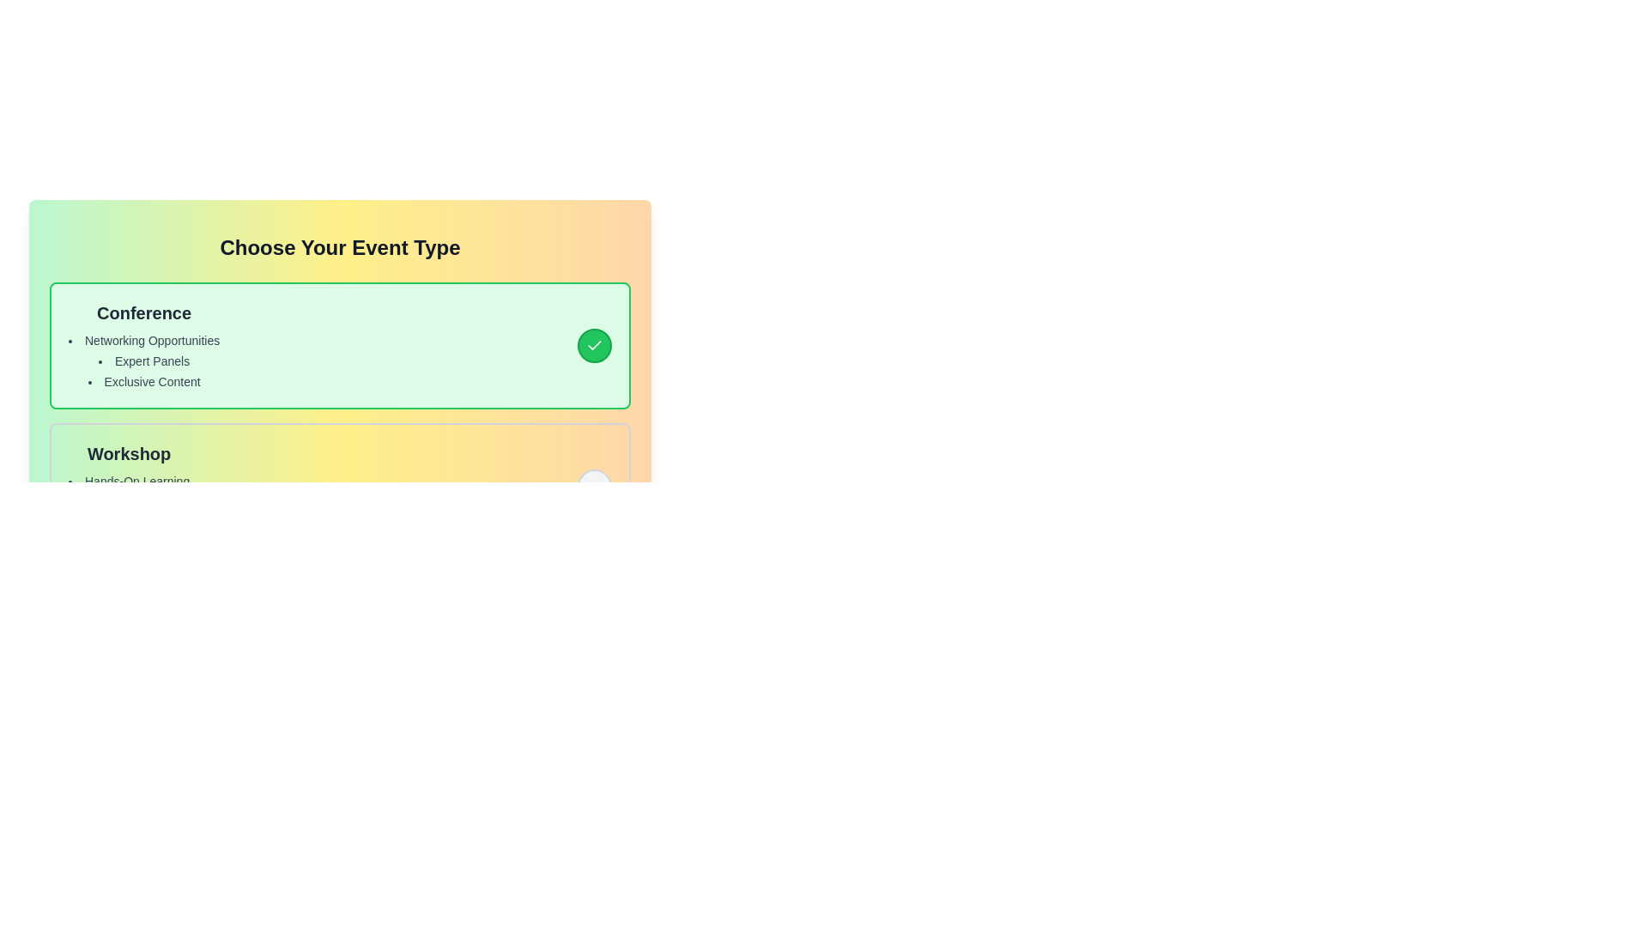 The height and width of the screenshot is (927, 1648). What do you see at coordinates (594, 345) in the screenshot?
I see `the circular green button with a white border and a check icon, located to the right of the 'Conference' box` at bounding box center [594, 345].